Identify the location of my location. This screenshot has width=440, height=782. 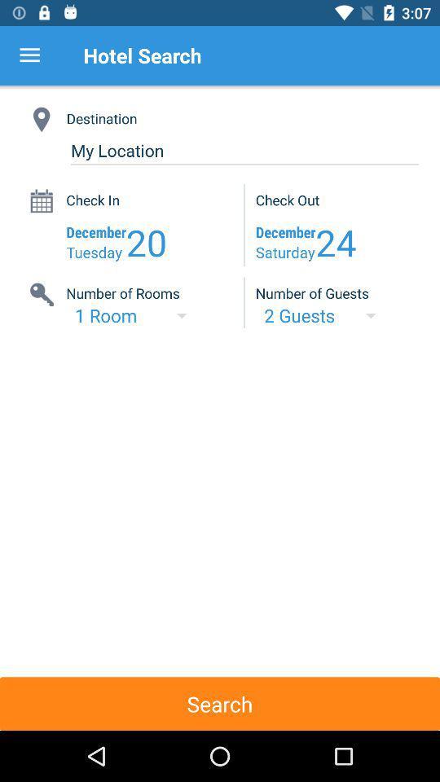
(244, 151).